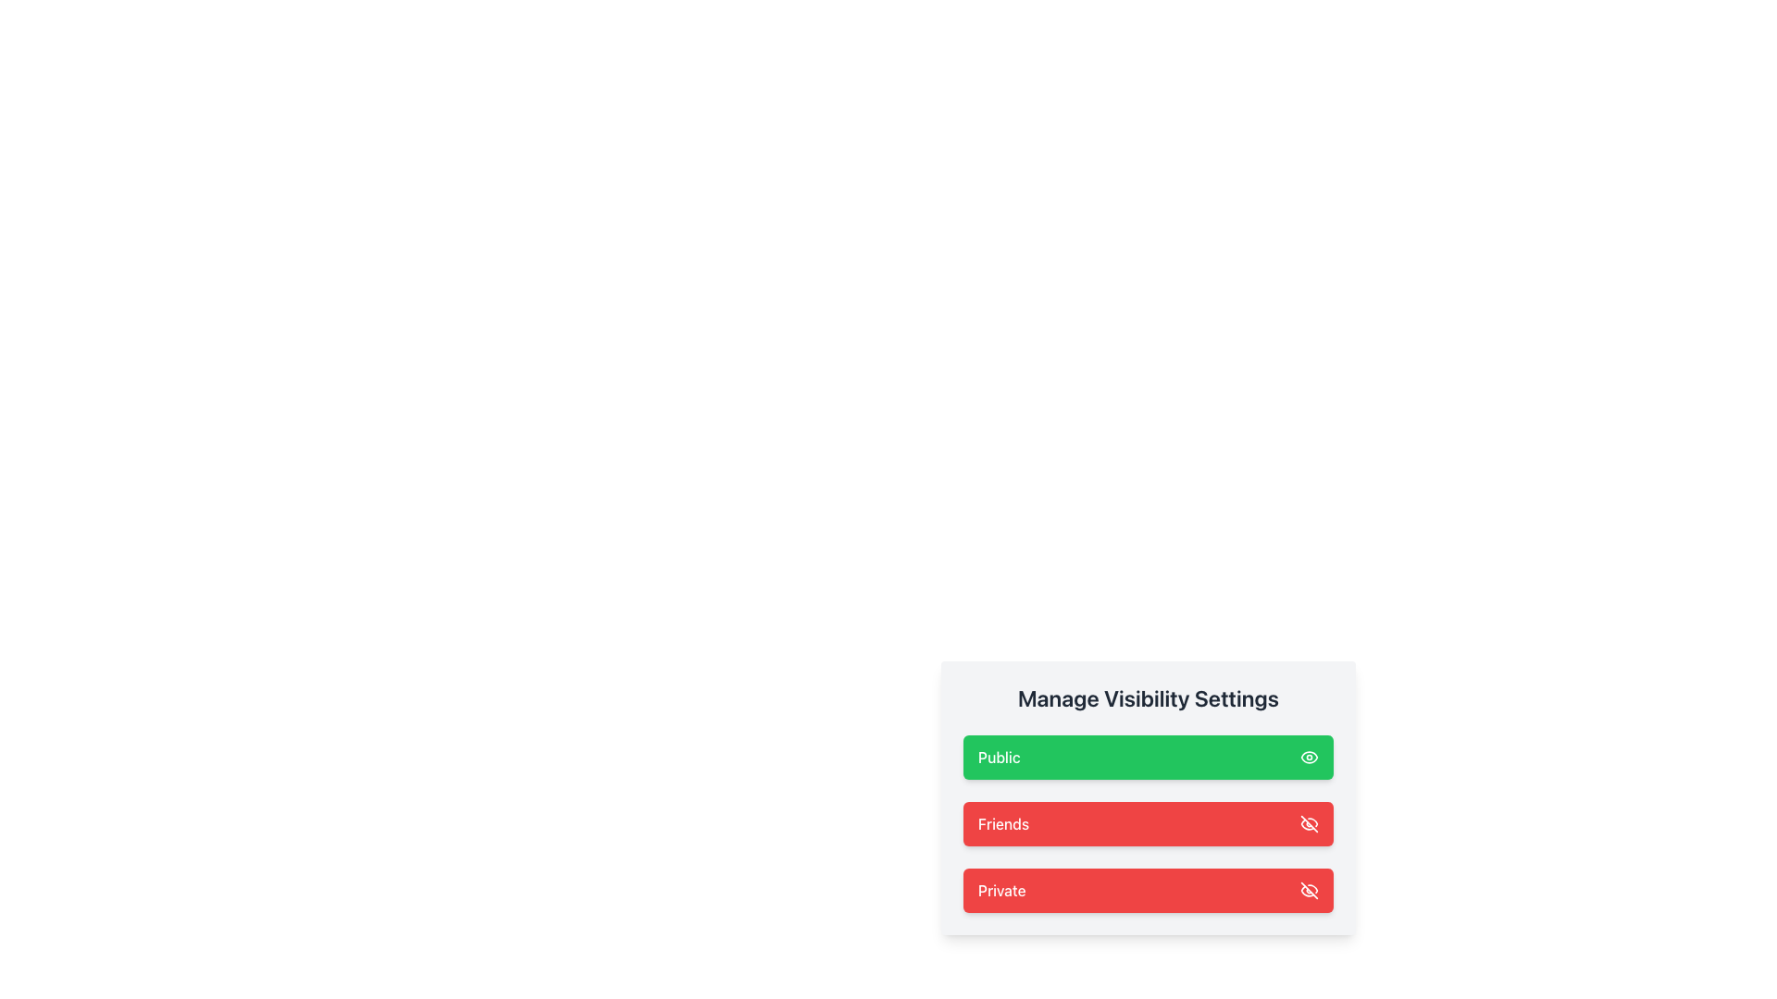 The image size is (1777, 999). I want to click on the eye icon located on the far right side of the green 'Public' button, so click(1309, 757).